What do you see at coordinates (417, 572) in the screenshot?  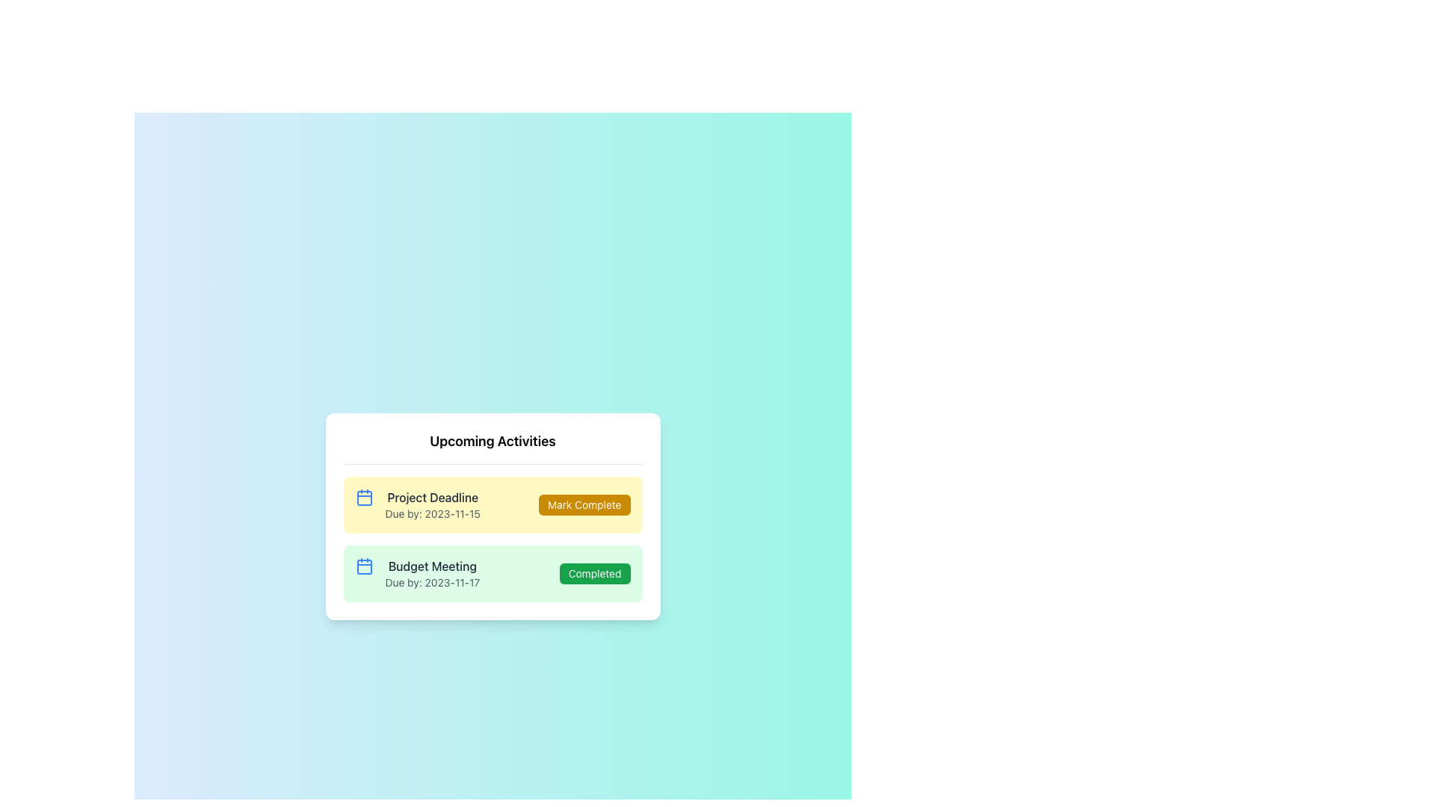 I see `information contained in the task list item titled 'Budget Meeting', which includes the subtitle 'Due by: 2023-11-17'` at bounding box center [417, 572].